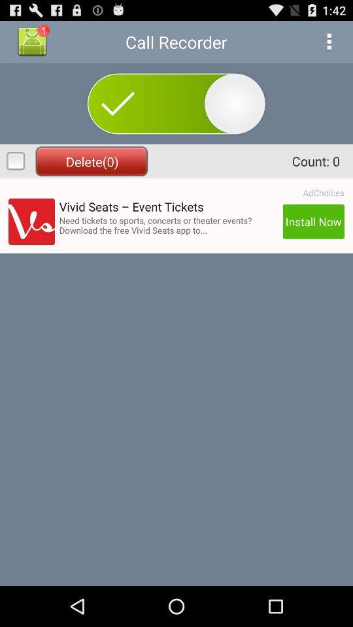 This screenshot has width=353, height=627. Describe the element at coordinates (176, 103) in the screenshot. I see `icon below the call recorder` at that location.